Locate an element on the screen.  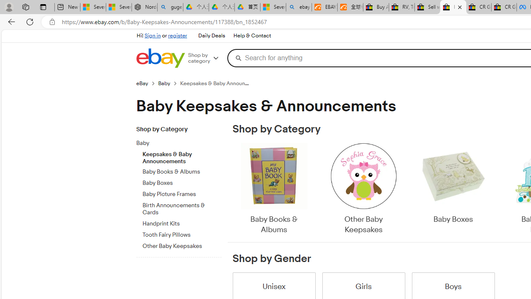
'eBay' is located at coordinates (147, 83).